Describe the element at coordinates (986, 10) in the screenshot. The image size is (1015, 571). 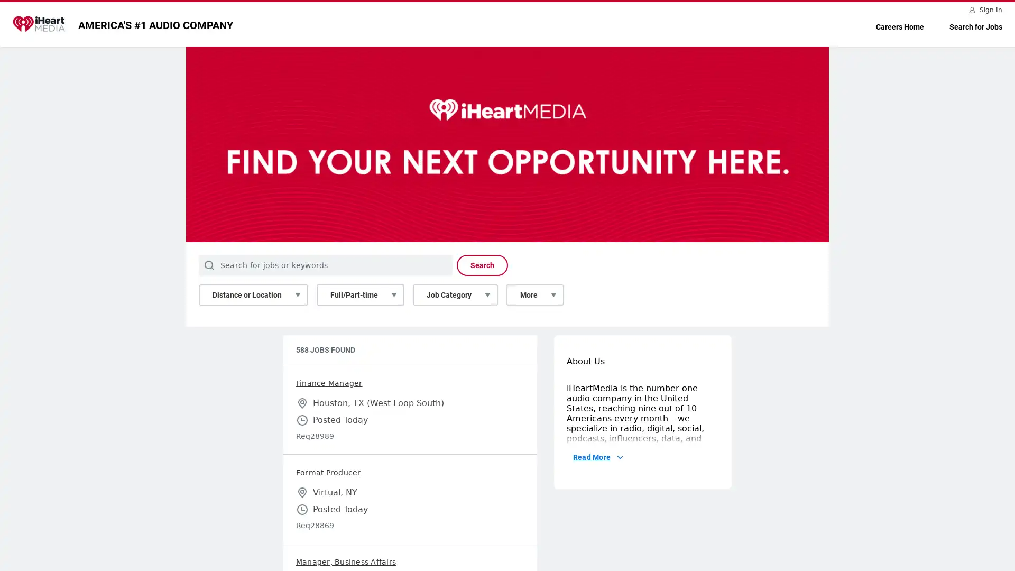
I see `Sign In` at that location.